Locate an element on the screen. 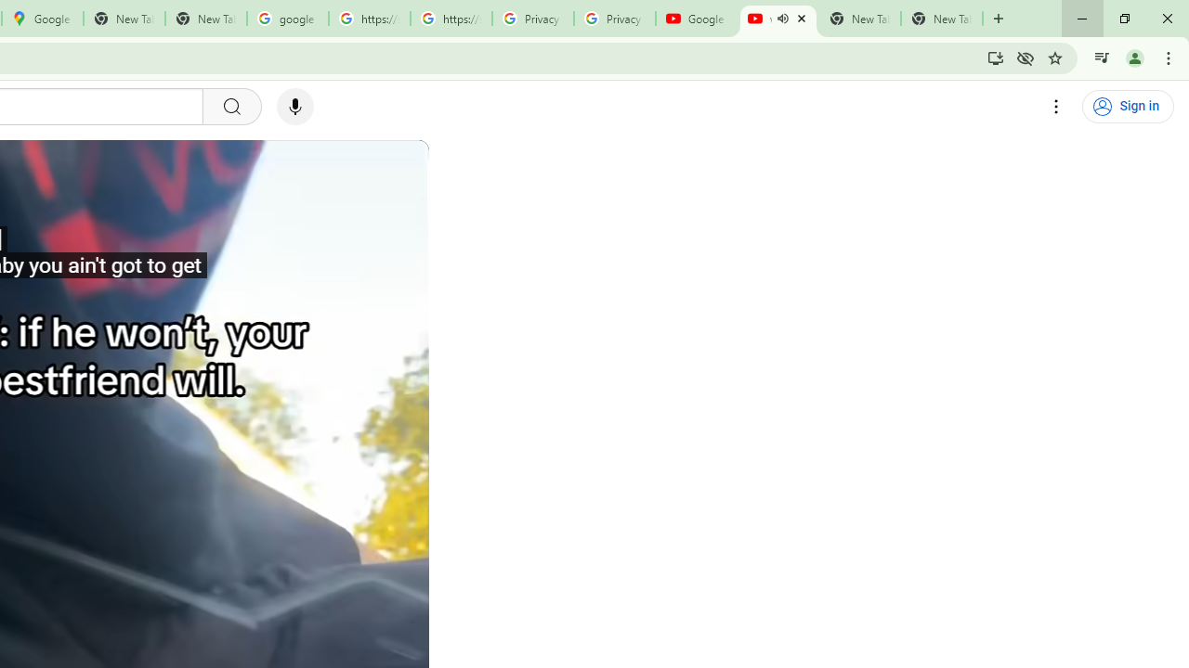 This screenshot has height=668, width=1189. 'https://scholar.google.com/' is located at coordinates (451, 19).